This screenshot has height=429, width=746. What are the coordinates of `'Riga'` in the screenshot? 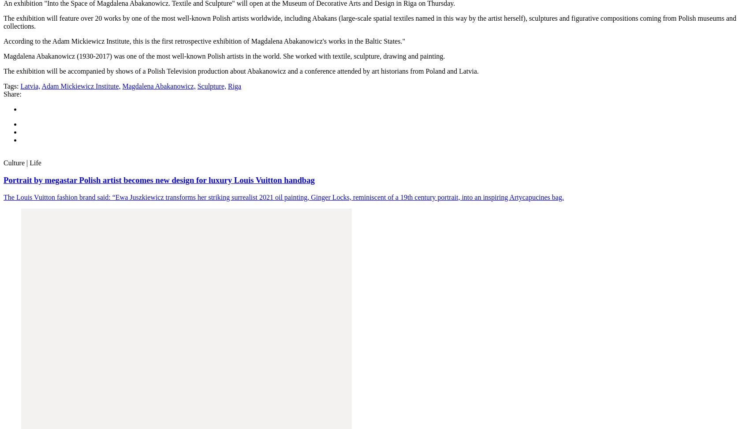 It's located at (234, 86).